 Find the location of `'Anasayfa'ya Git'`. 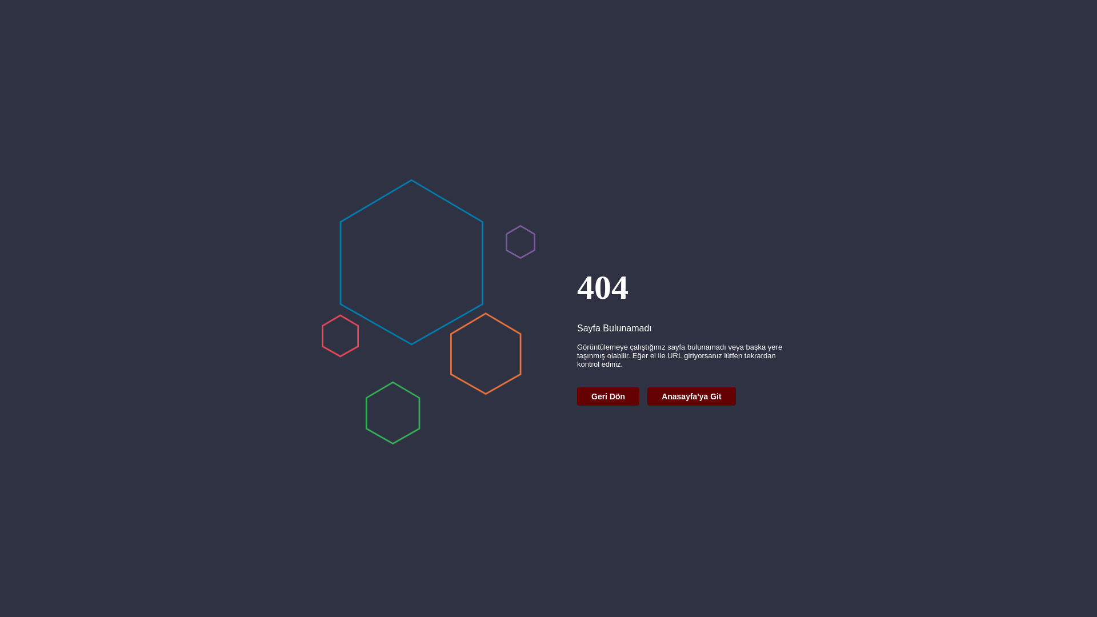

'Anasayfa'ya Git' is located at coordinates (647, 396).